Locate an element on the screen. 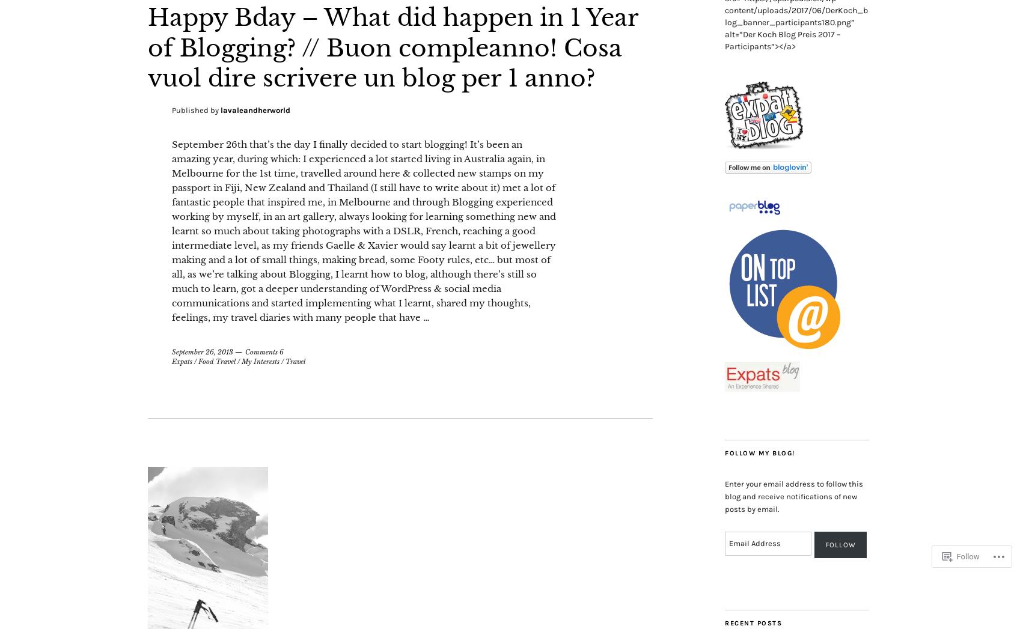 This screenshot has height=629, width=1017. 'Recent Posts' is located at coordinates (753, 622).